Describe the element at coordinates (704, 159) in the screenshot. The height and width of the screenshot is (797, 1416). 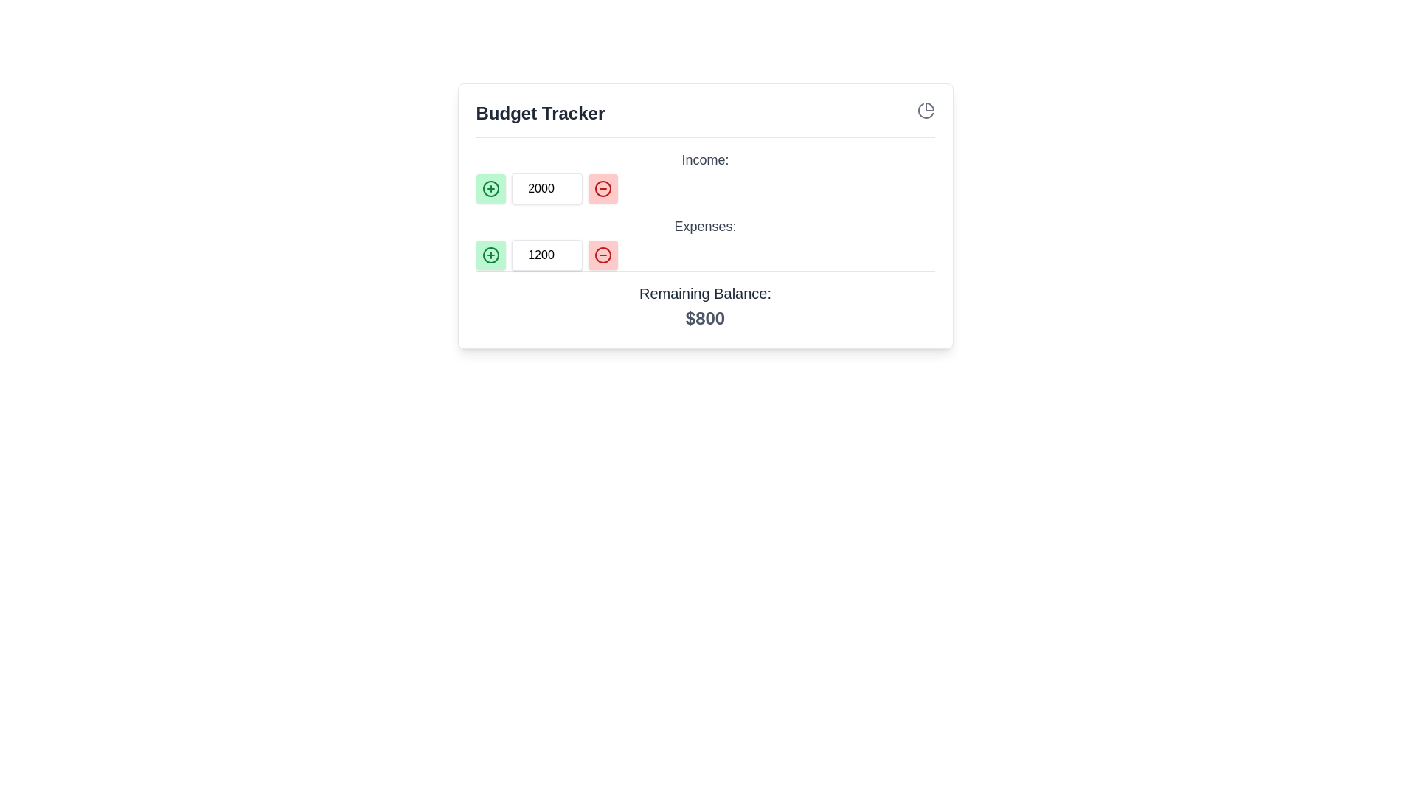
I see `the label that provides context for the income-related data entry, located above the '2000' input in the 'Budget Tracker' card` at that location.